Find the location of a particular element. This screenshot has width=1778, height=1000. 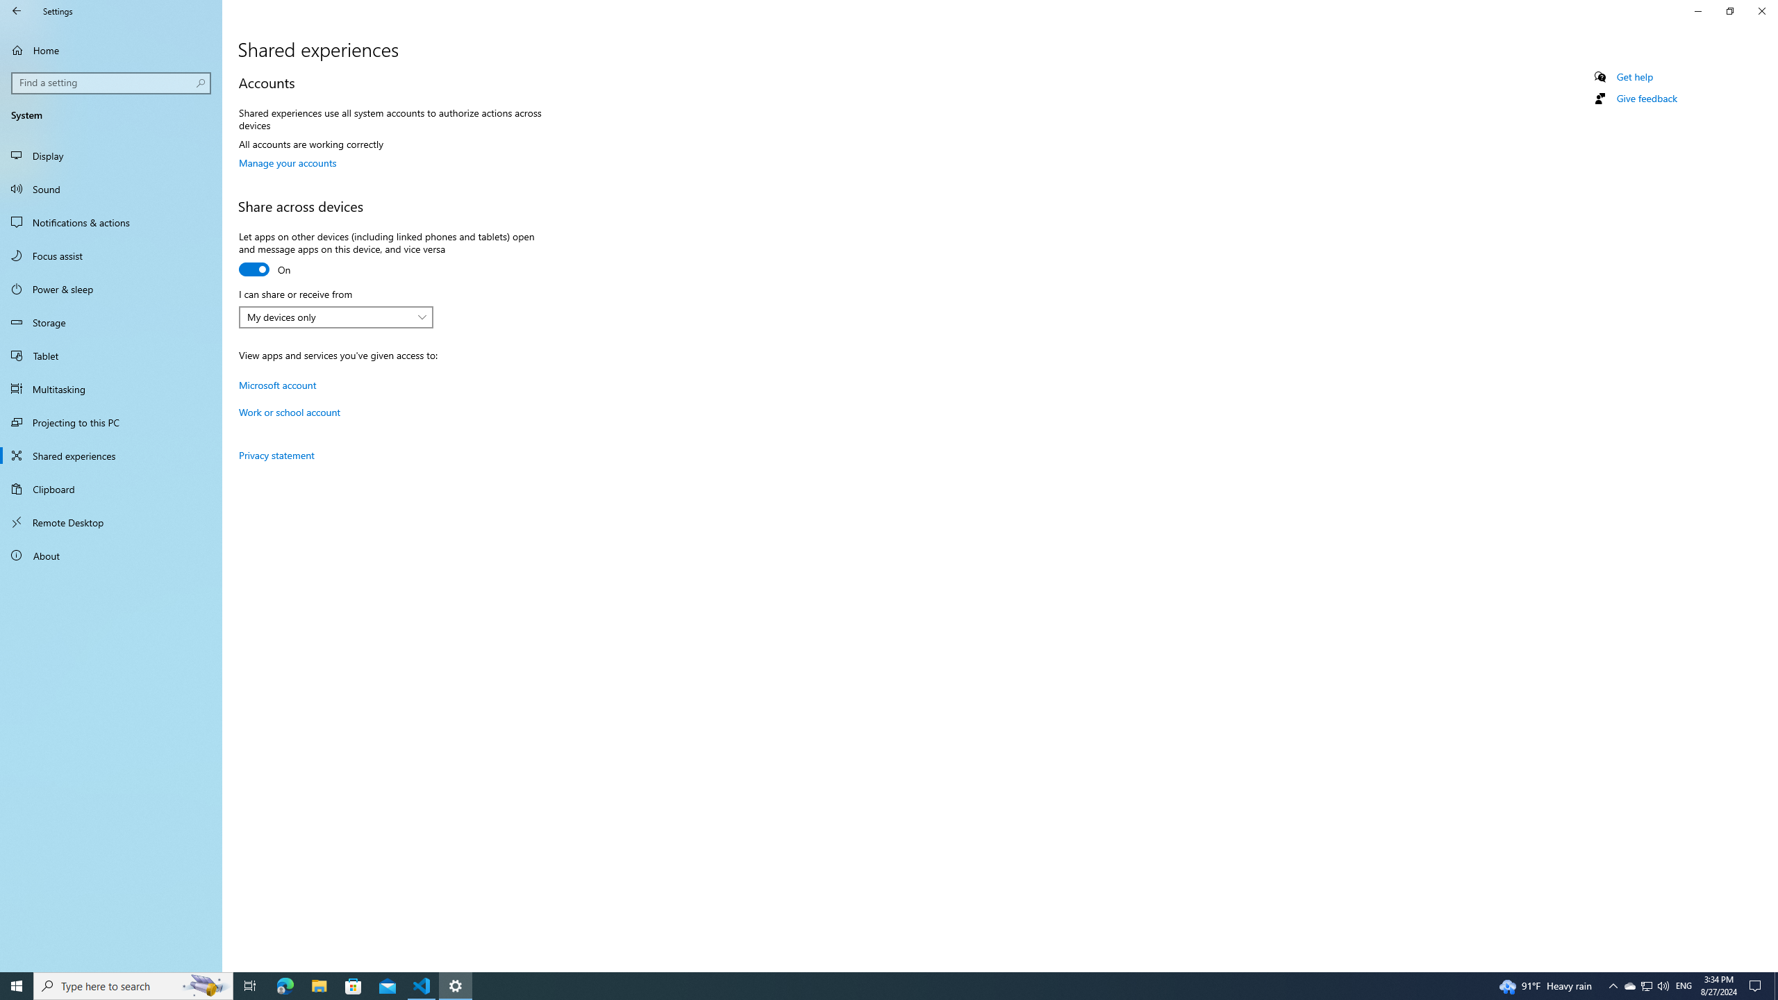

'Restore Settings' is located at coordinates (1729, 10).